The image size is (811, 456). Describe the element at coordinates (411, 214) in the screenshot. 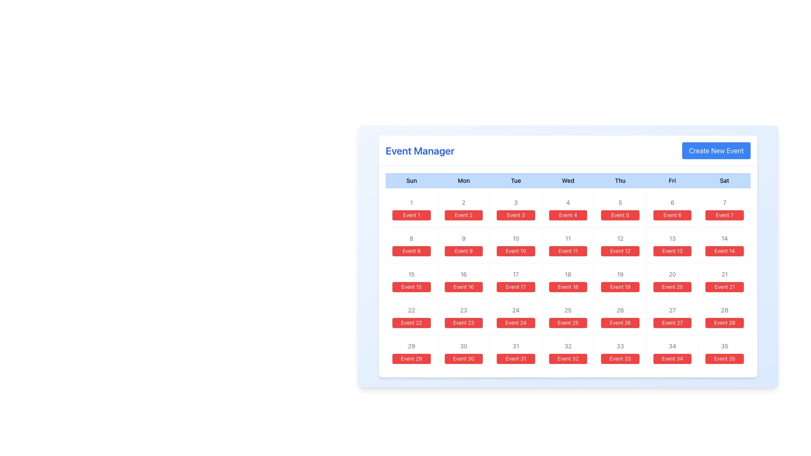

I see `the informational badge labeled 'Event 1' that indicates an event scheduled on the date '1' in the calendar application, located in the first column under the 'Sun' header` at that location.